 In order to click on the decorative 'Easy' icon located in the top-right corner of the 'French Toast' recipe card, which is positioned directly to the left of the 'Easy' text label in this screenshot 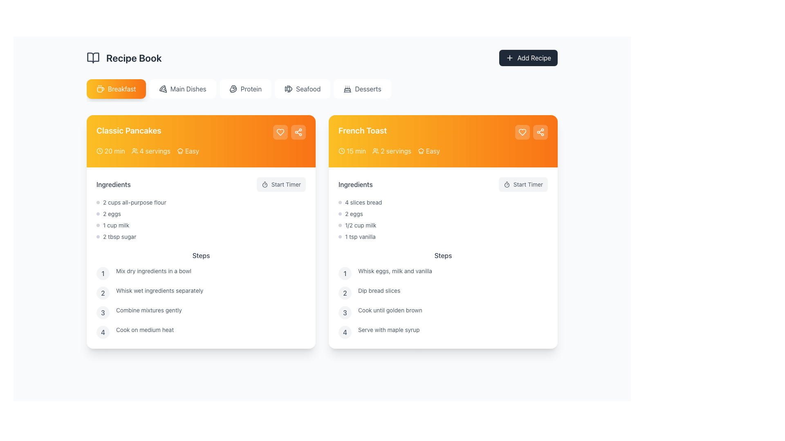, I will do `click(421, 151)`.